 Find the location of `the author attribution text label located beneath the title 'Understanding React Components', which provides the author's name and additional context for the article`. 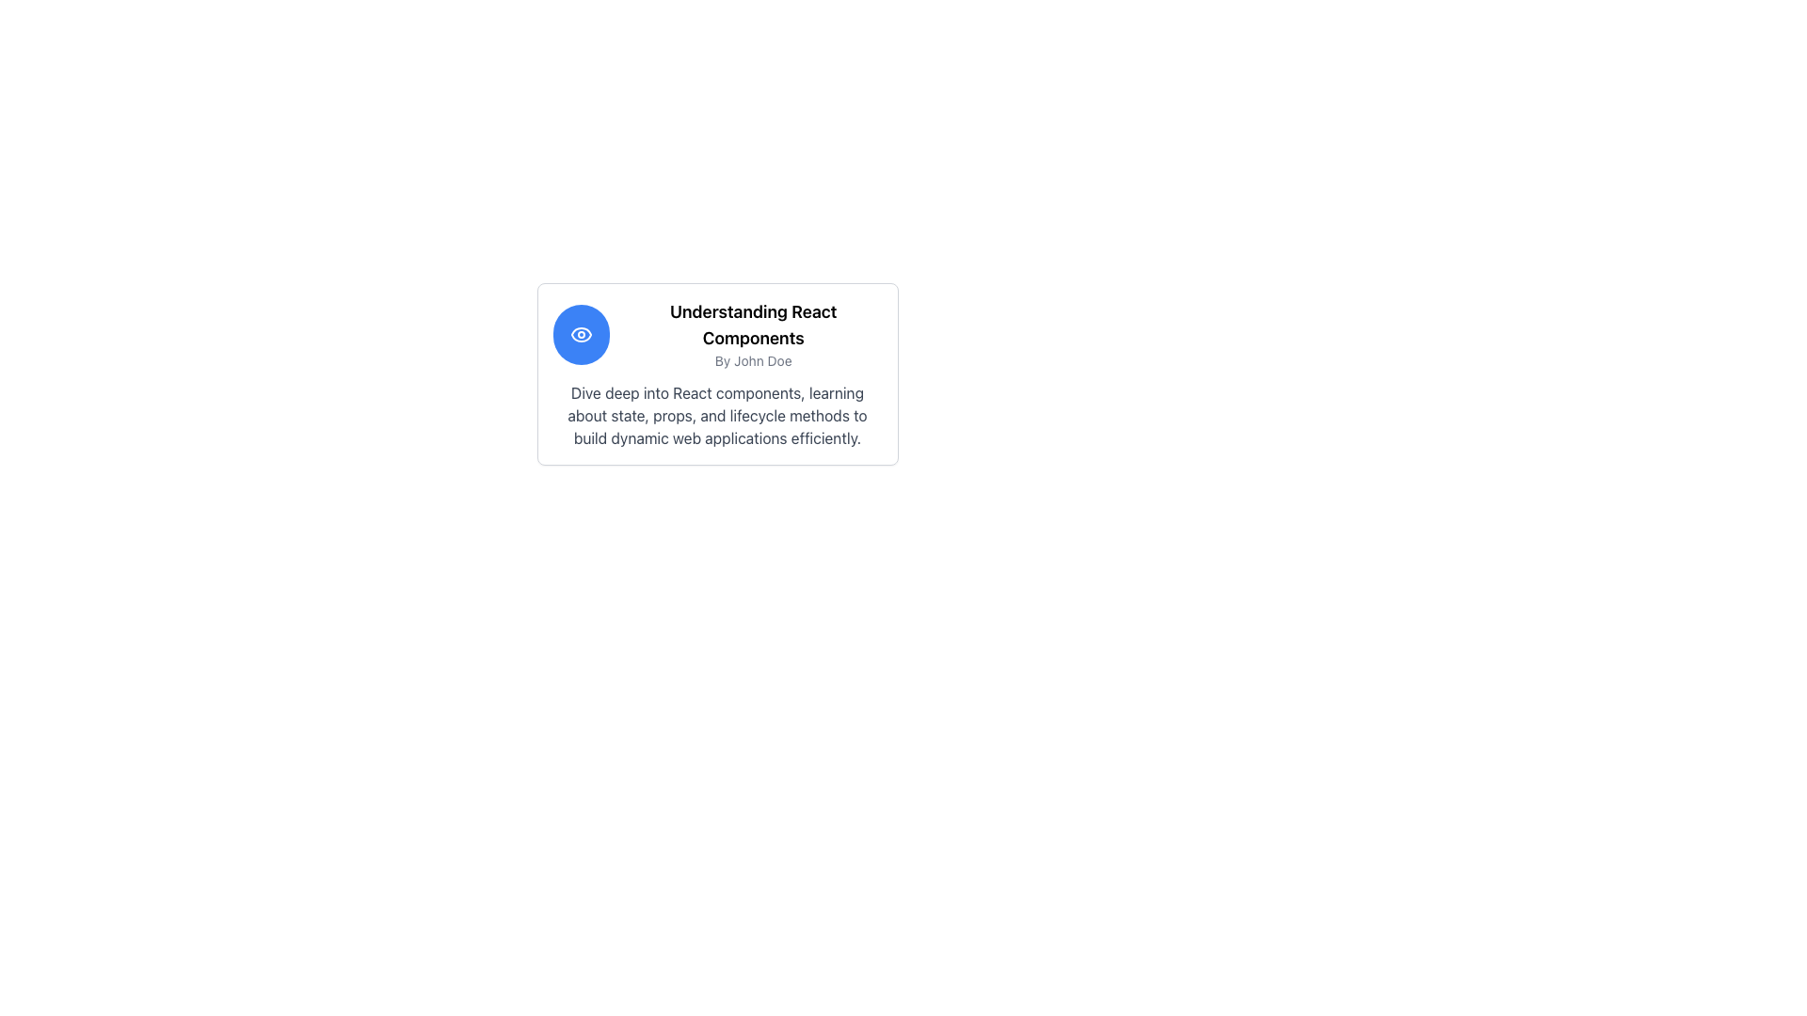

the author attribution text label located beneath the title 'Understanding React Components', which provides the author's name and additional context for the article is located at coordinates (753, 361).